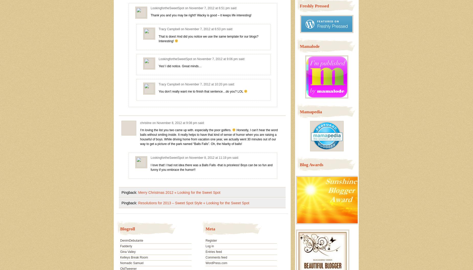 The width and height of the screenshot is (473, 270). Describe the element at coordinates (210, 157) in the screenshot. I see `'November 8, 2012 at 11:19 pm'` at that location.